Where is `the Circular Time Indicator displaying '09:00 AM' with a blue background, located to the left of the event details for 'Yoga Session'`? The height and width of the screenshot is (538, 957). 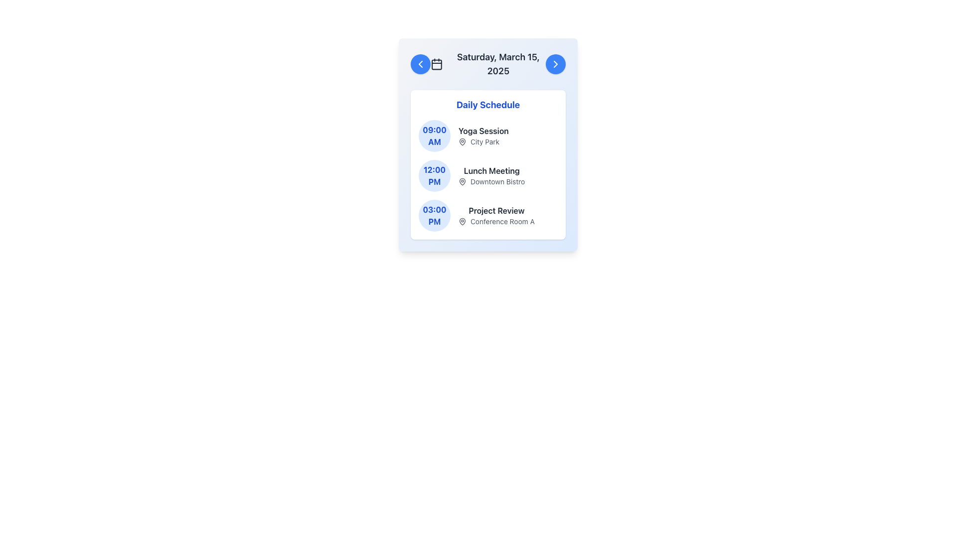
the Circular Time Indicator displaying '09:00 AM' with a blue background, located to the left of the event details for 'Yoga Session' is located at coordinates (435, 136).